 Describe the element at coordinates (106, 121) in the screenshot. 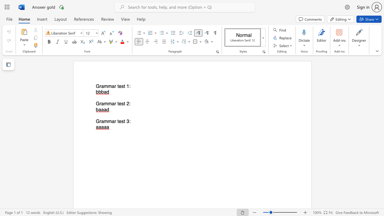

I see `the 1th character "m" in the text` at that location.